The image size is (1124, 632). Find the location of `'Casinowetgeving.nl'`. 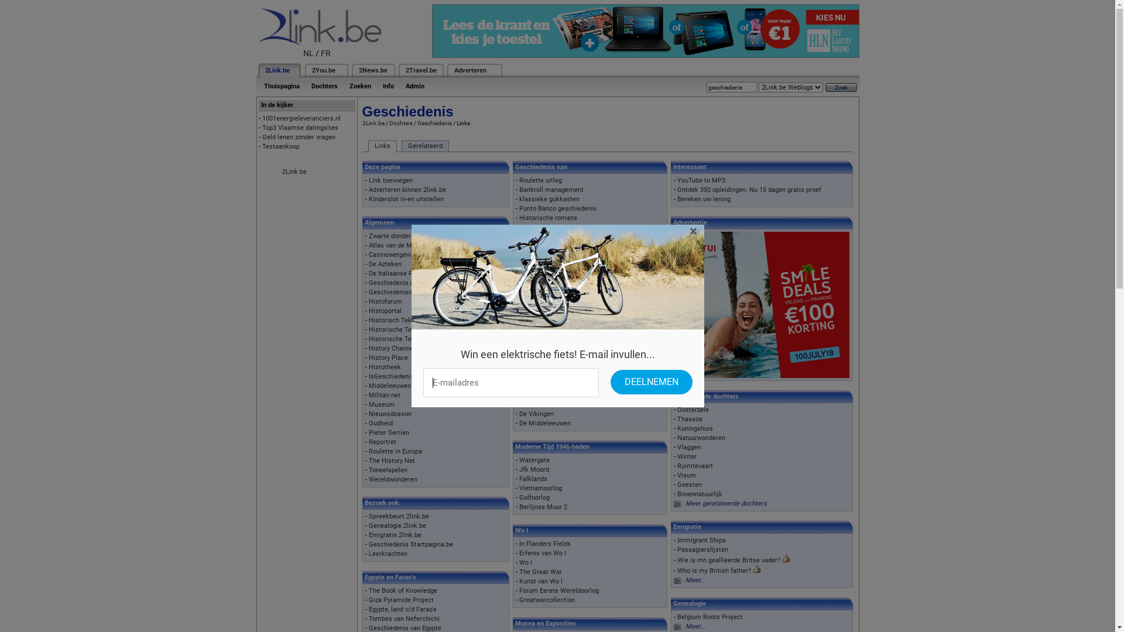

'Casinowetgeving.nl' is located at coordinates (396, 254).